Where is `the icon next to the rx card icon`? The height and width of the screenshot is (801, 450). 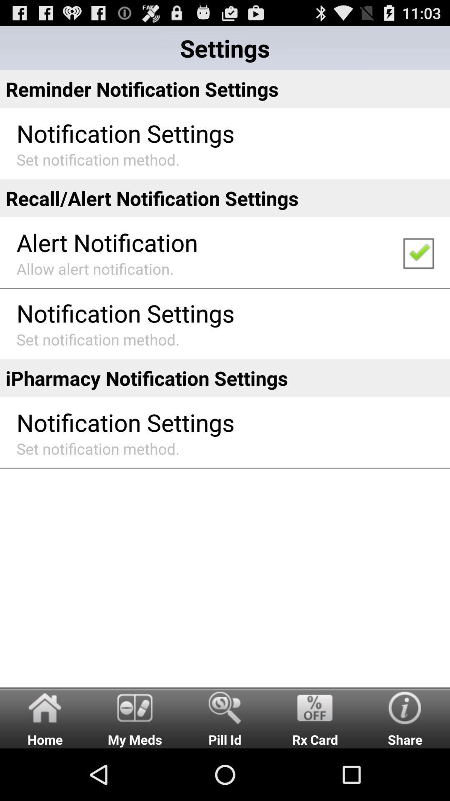
the icon next to the rx card icon is located at coordinates (225, 717).